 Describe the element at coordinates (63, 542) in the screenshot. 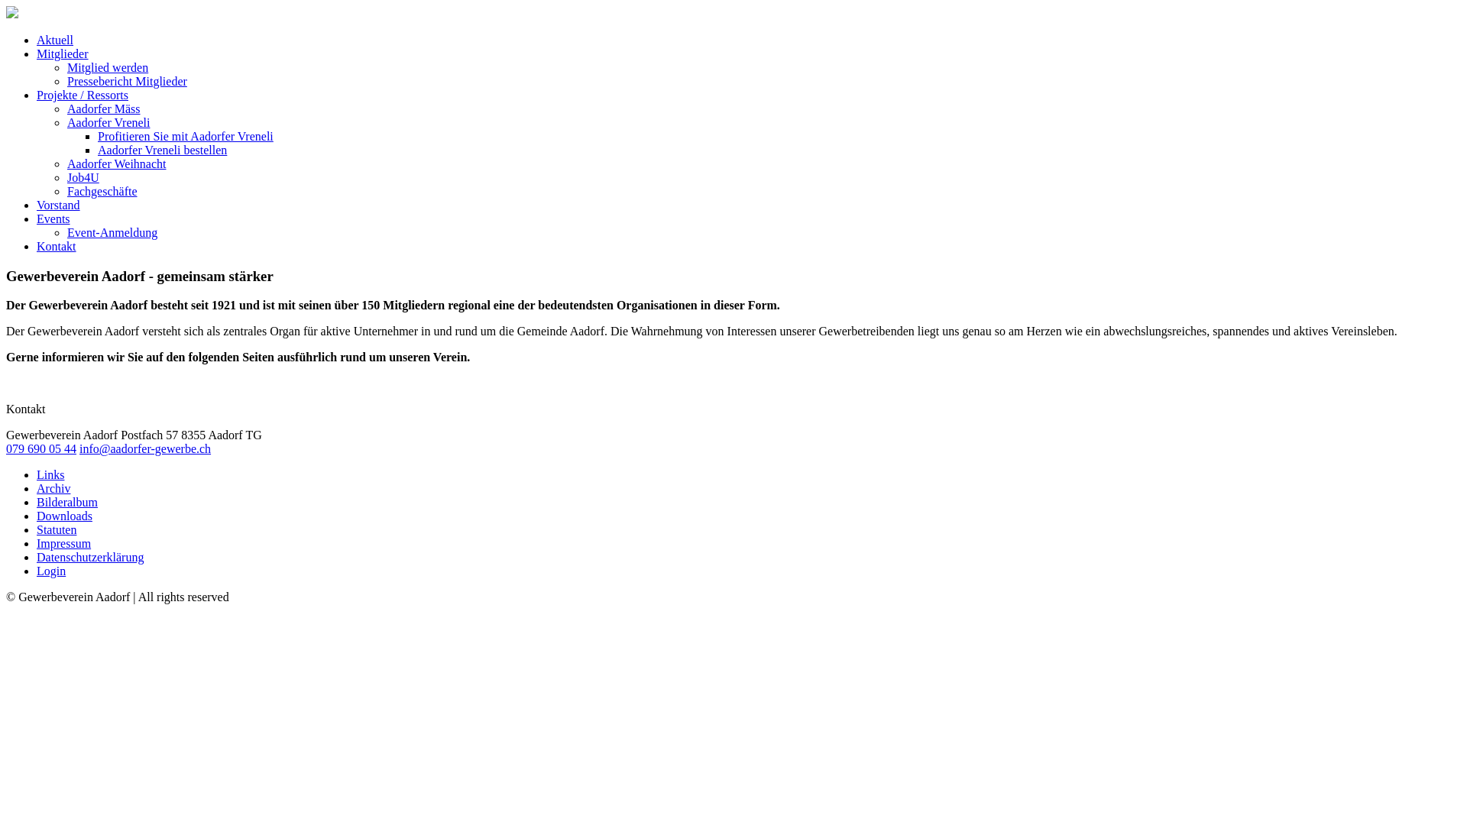

I see `'Impressum'` at that location.